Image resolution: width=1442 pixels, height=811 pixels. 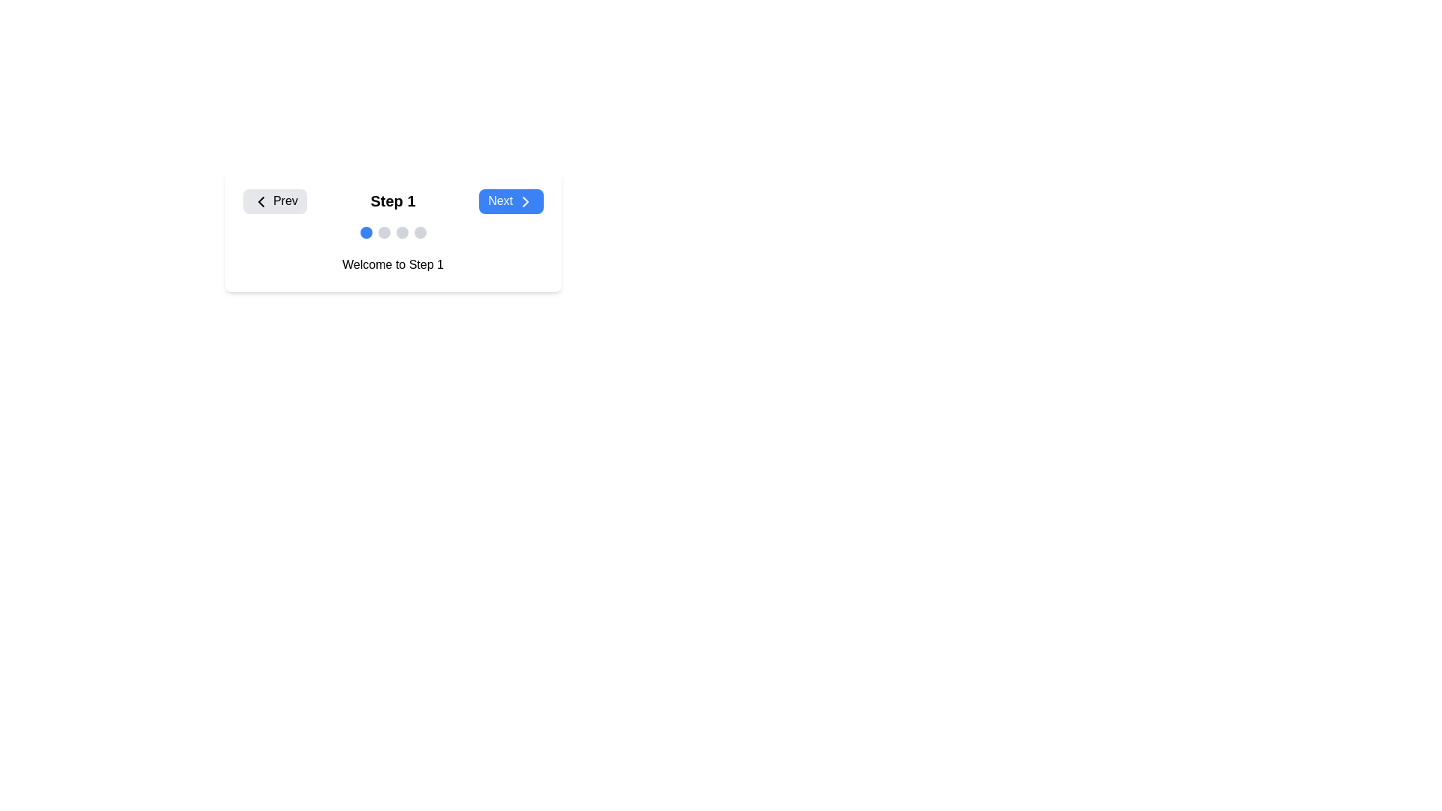 I want to click on the chevron icon inside the 'Prev' button, which represents navigation to the previous step or page, so click(x=261, y=200).